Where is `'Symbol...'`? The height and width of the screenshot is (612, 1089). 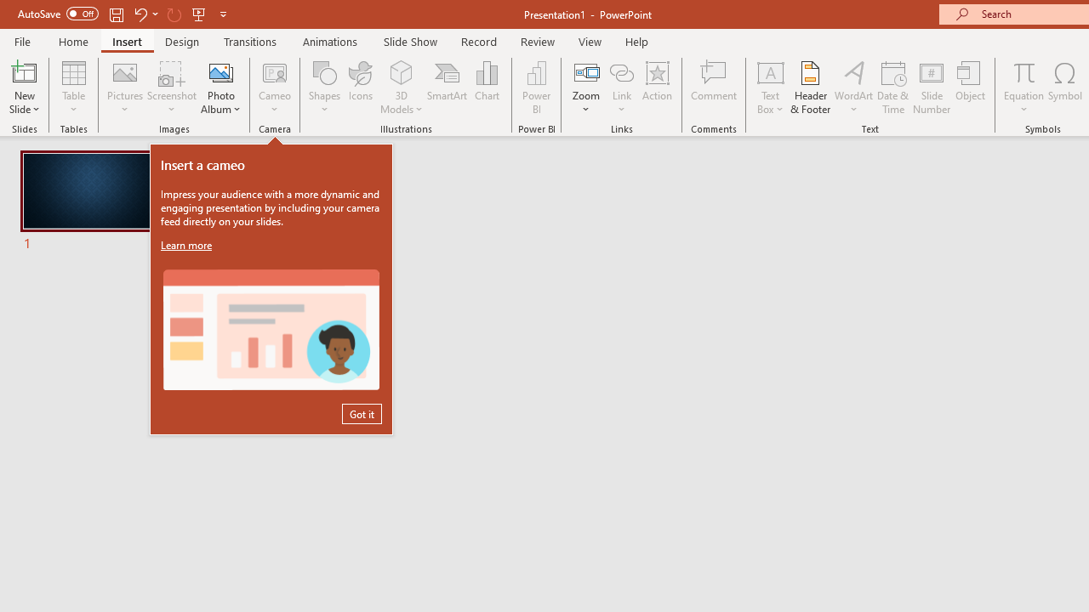
'Symbol...' is located at coordinates (1064, 88).